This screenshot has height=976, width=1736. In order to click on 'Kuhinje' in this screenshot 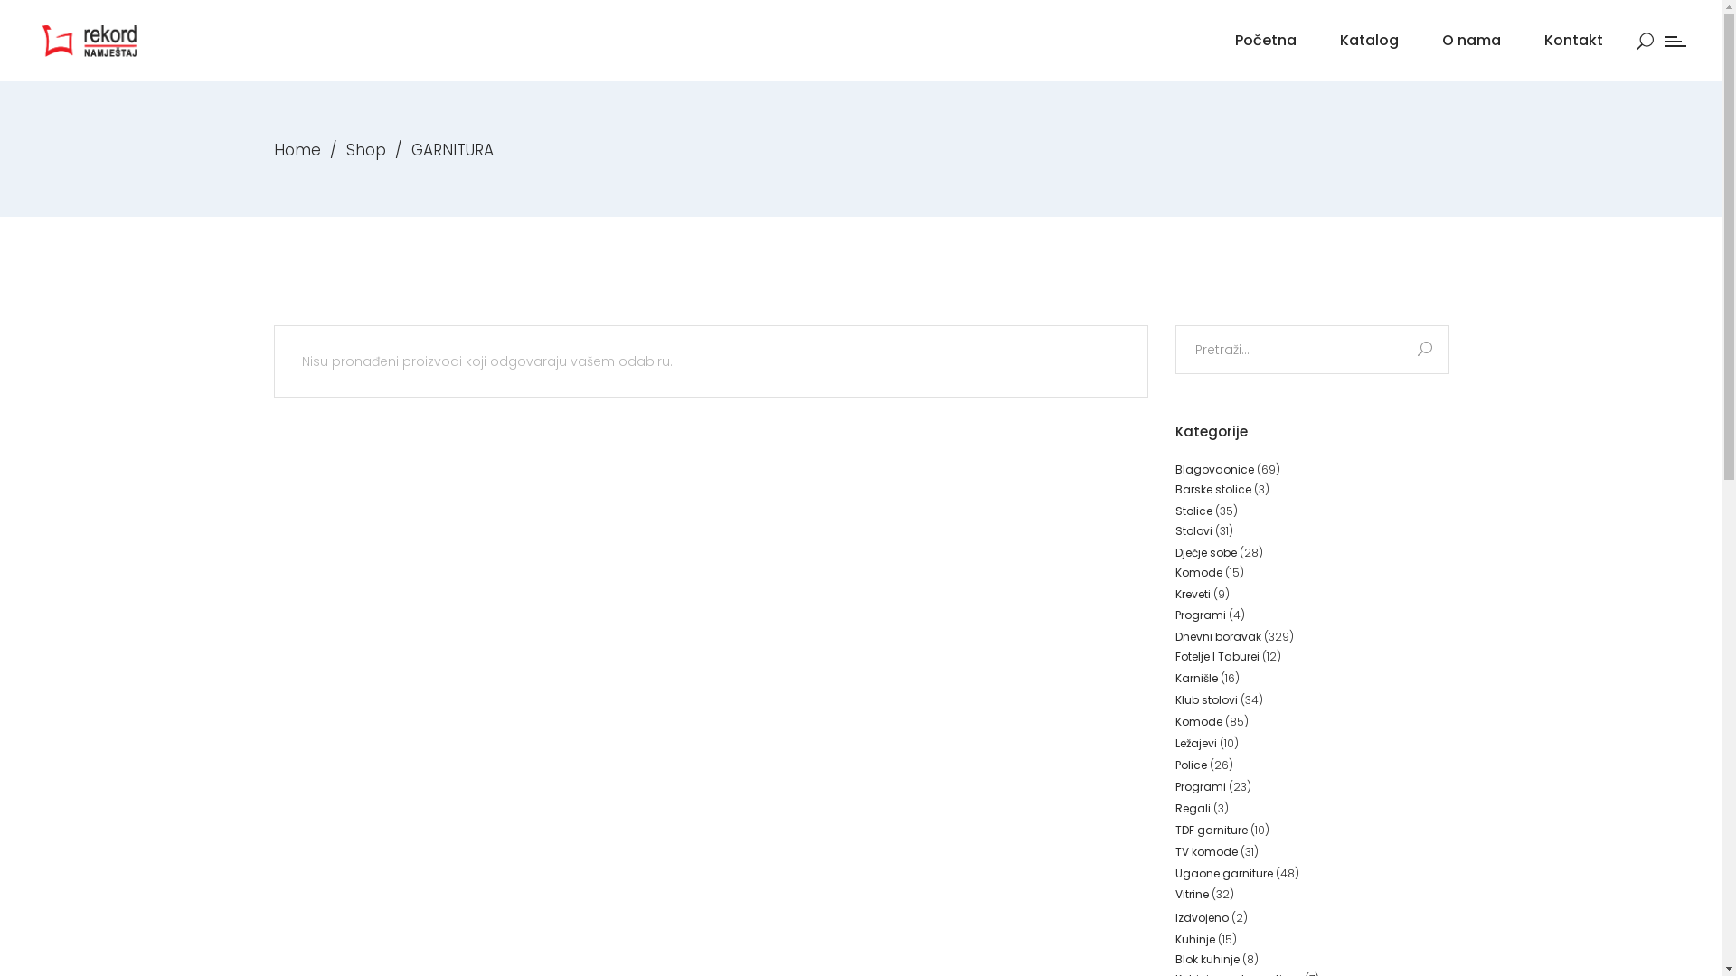, I will do `click(1194, 938)`.